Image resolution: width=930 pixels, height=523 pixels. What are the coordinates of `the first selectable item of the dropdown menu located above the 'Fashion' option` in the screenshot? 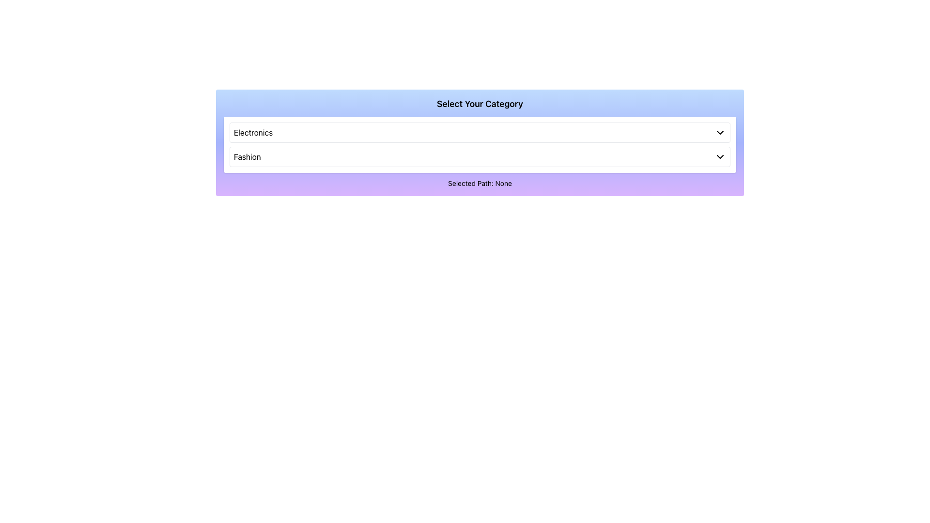 It's located at (480, 132).